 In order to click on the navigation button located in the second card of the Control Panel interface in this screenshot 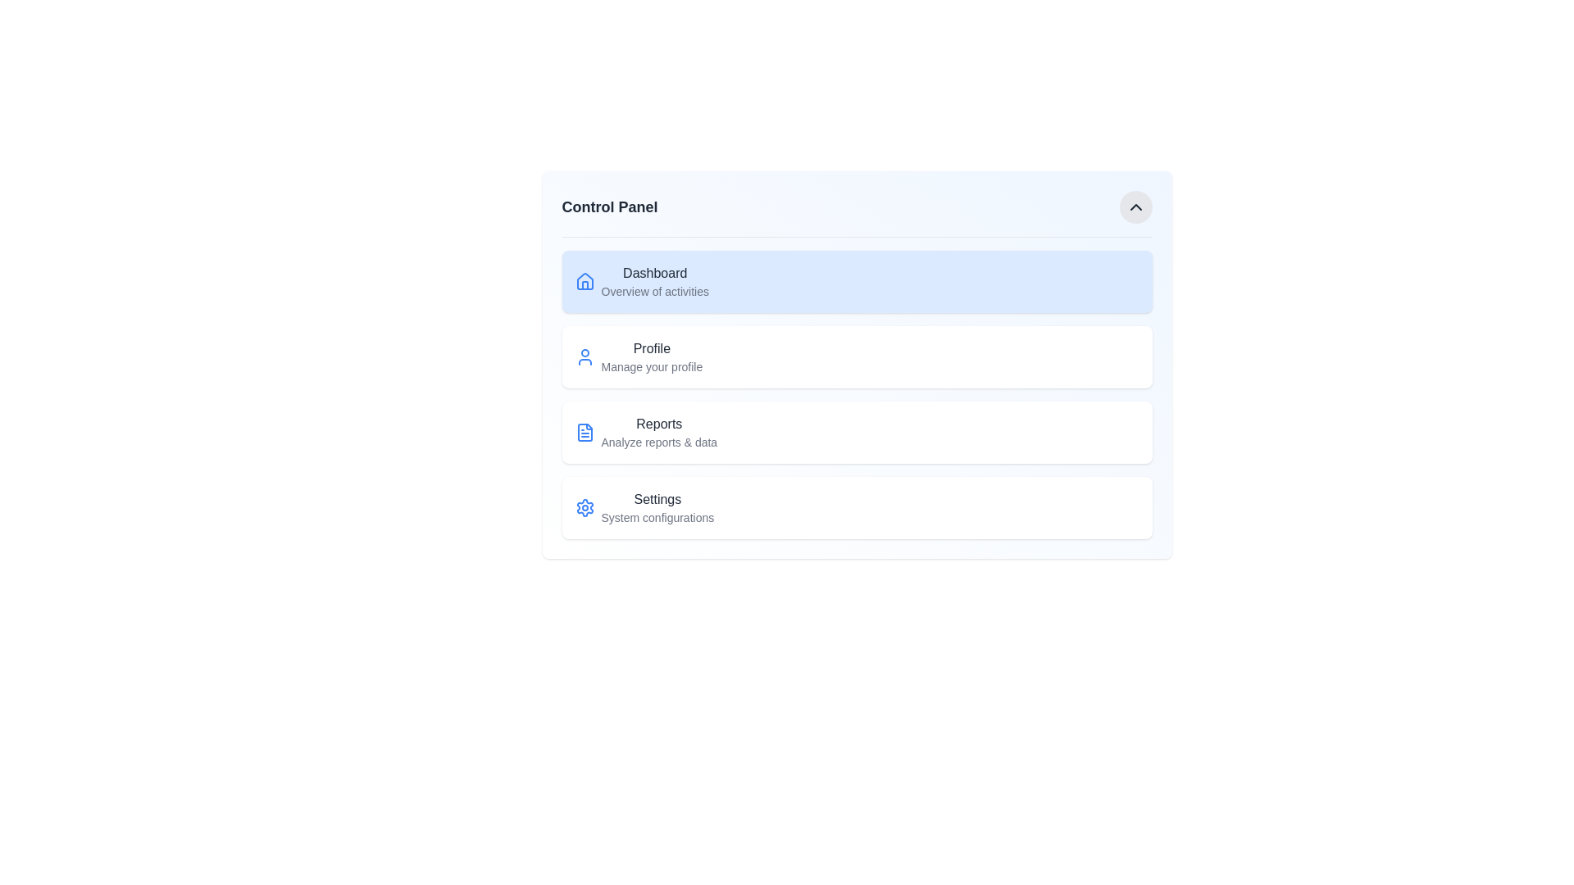, I will do `click(856, 356)`.